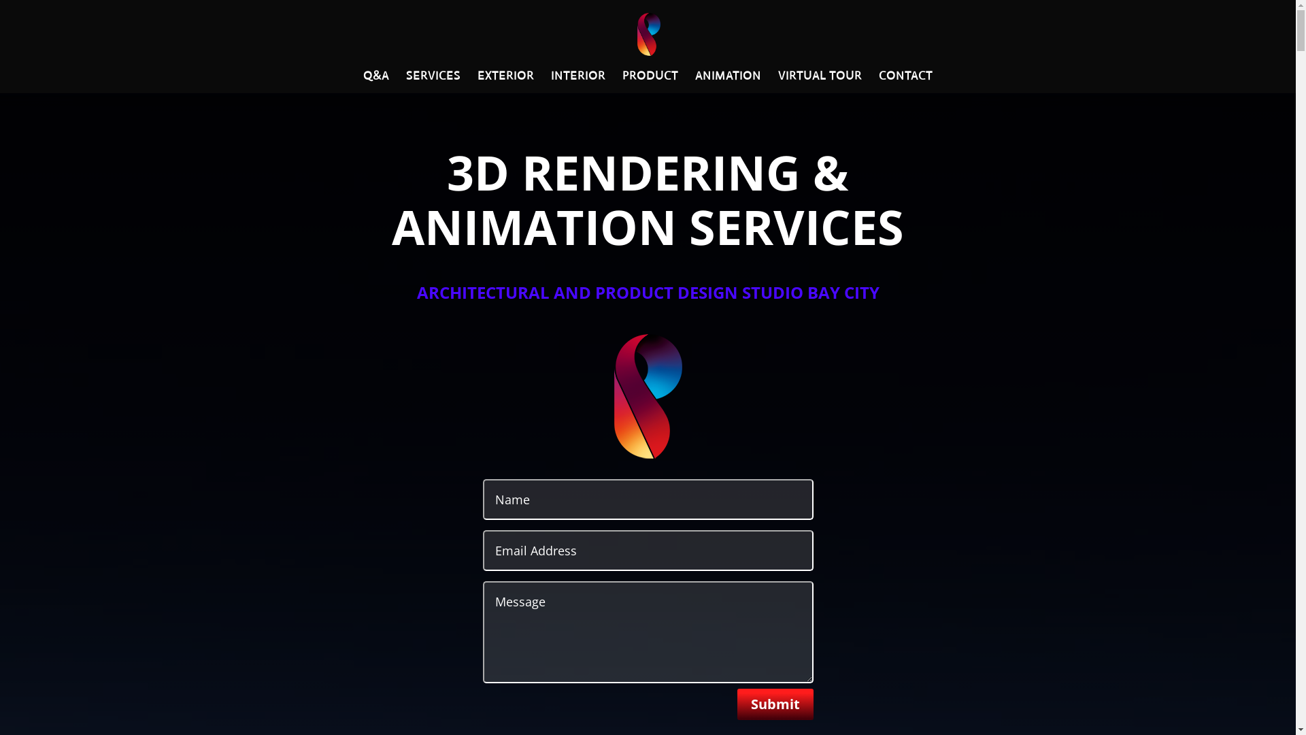 Image resolution: width=1306 pixels, height=735 pixels. Describe the element at coordinates (819, 82) in the screenshot. I see `'VIRTUAL TOUR'` at that location.